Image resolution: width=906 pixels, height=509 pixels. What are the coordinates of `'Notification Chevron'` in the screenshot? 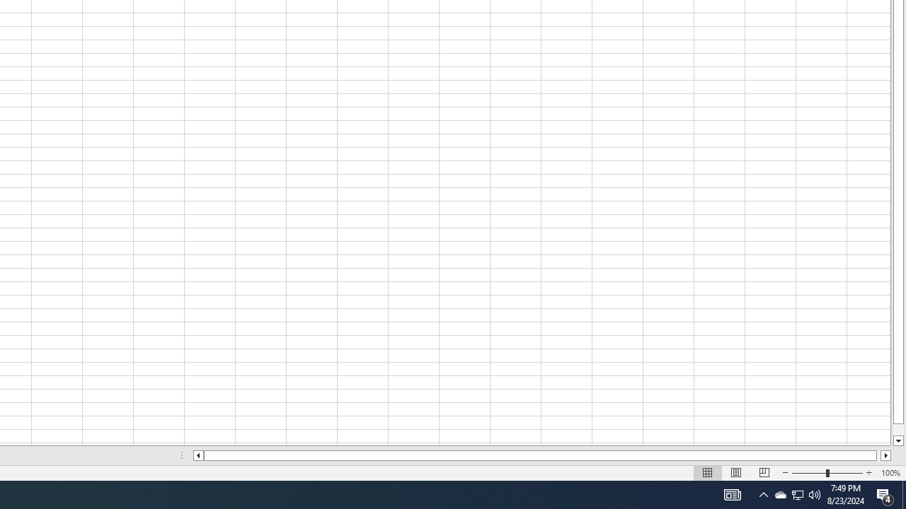 It's located at (763, 493).